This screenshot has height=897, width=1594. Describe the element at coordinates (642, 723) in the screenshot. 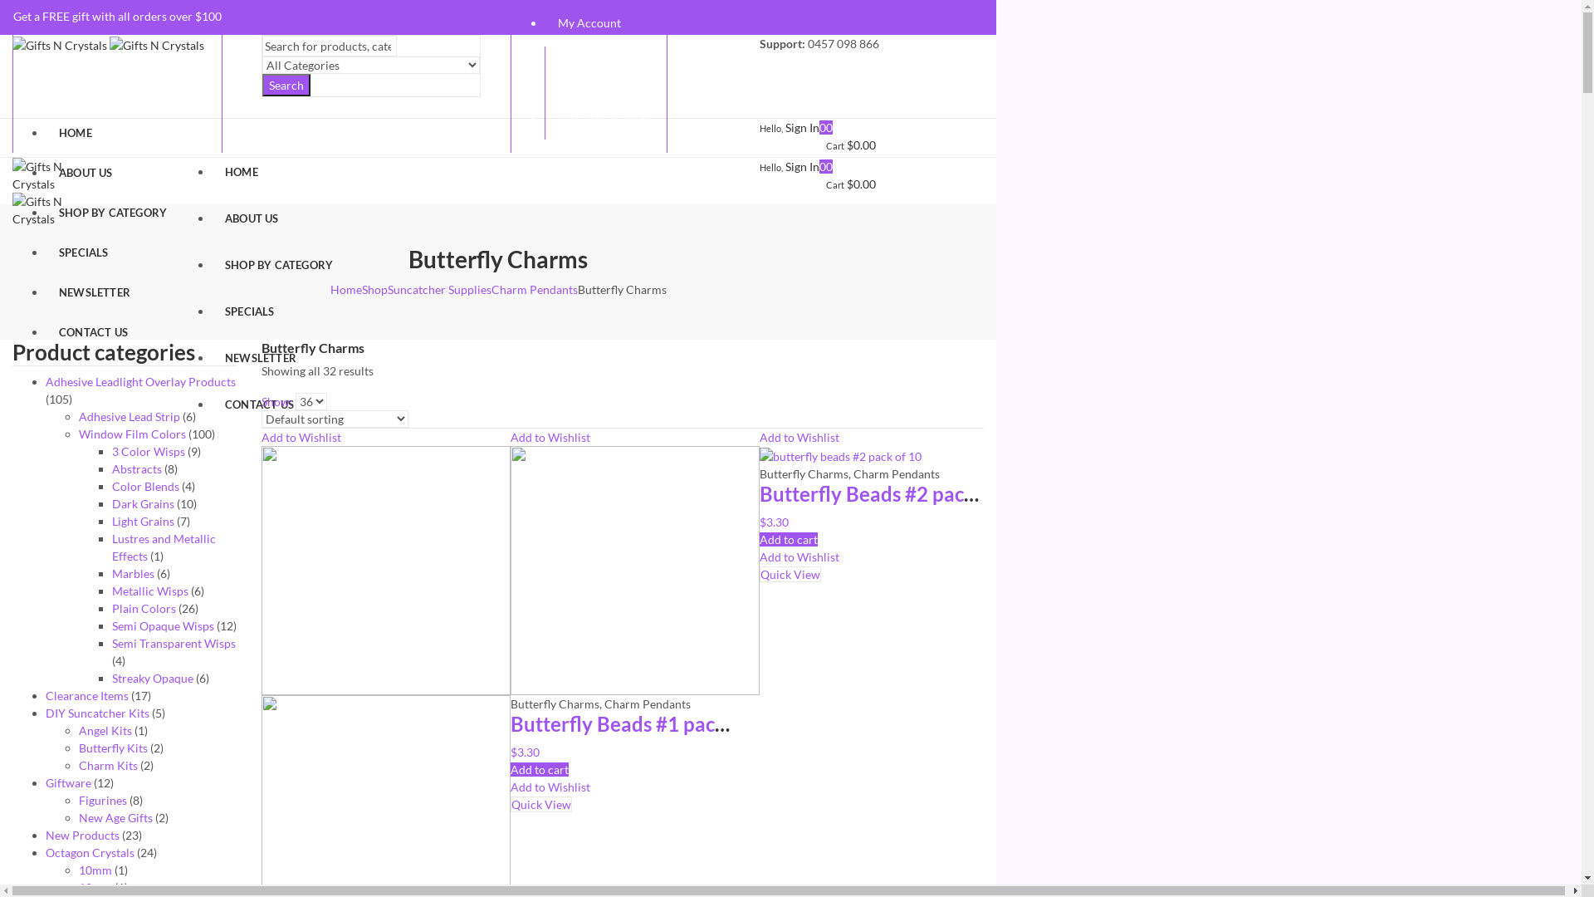

I see `'Butterfly Beads #1 pack of 12'` at that location.